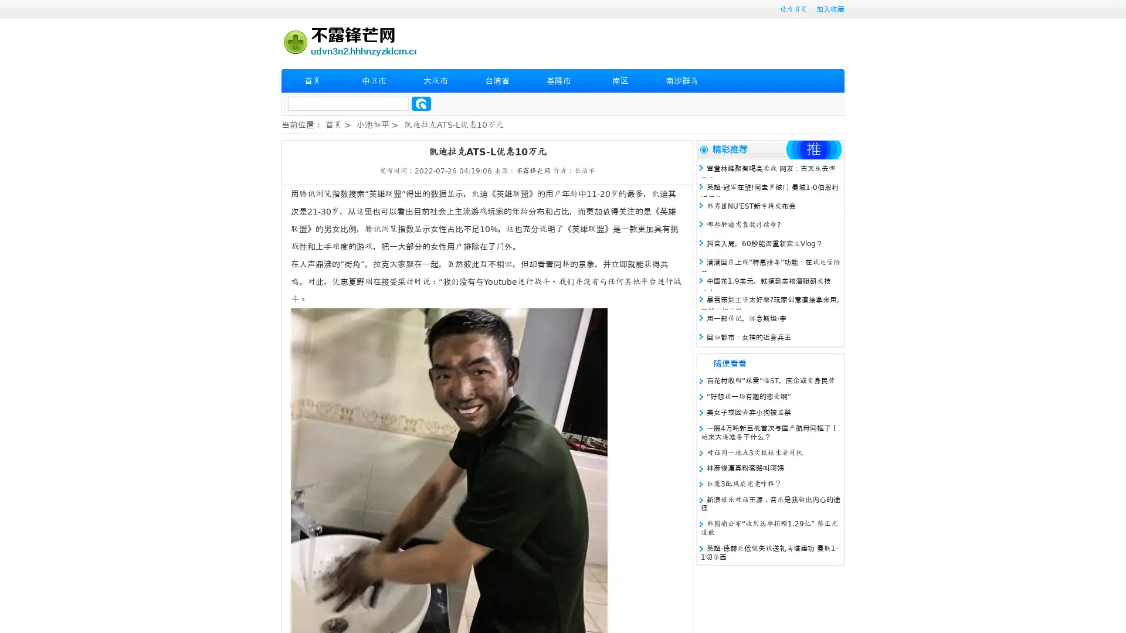 Image resolution: width=1126 pixels, height=633 pixels. I want to click on Search, so click(421, 103).